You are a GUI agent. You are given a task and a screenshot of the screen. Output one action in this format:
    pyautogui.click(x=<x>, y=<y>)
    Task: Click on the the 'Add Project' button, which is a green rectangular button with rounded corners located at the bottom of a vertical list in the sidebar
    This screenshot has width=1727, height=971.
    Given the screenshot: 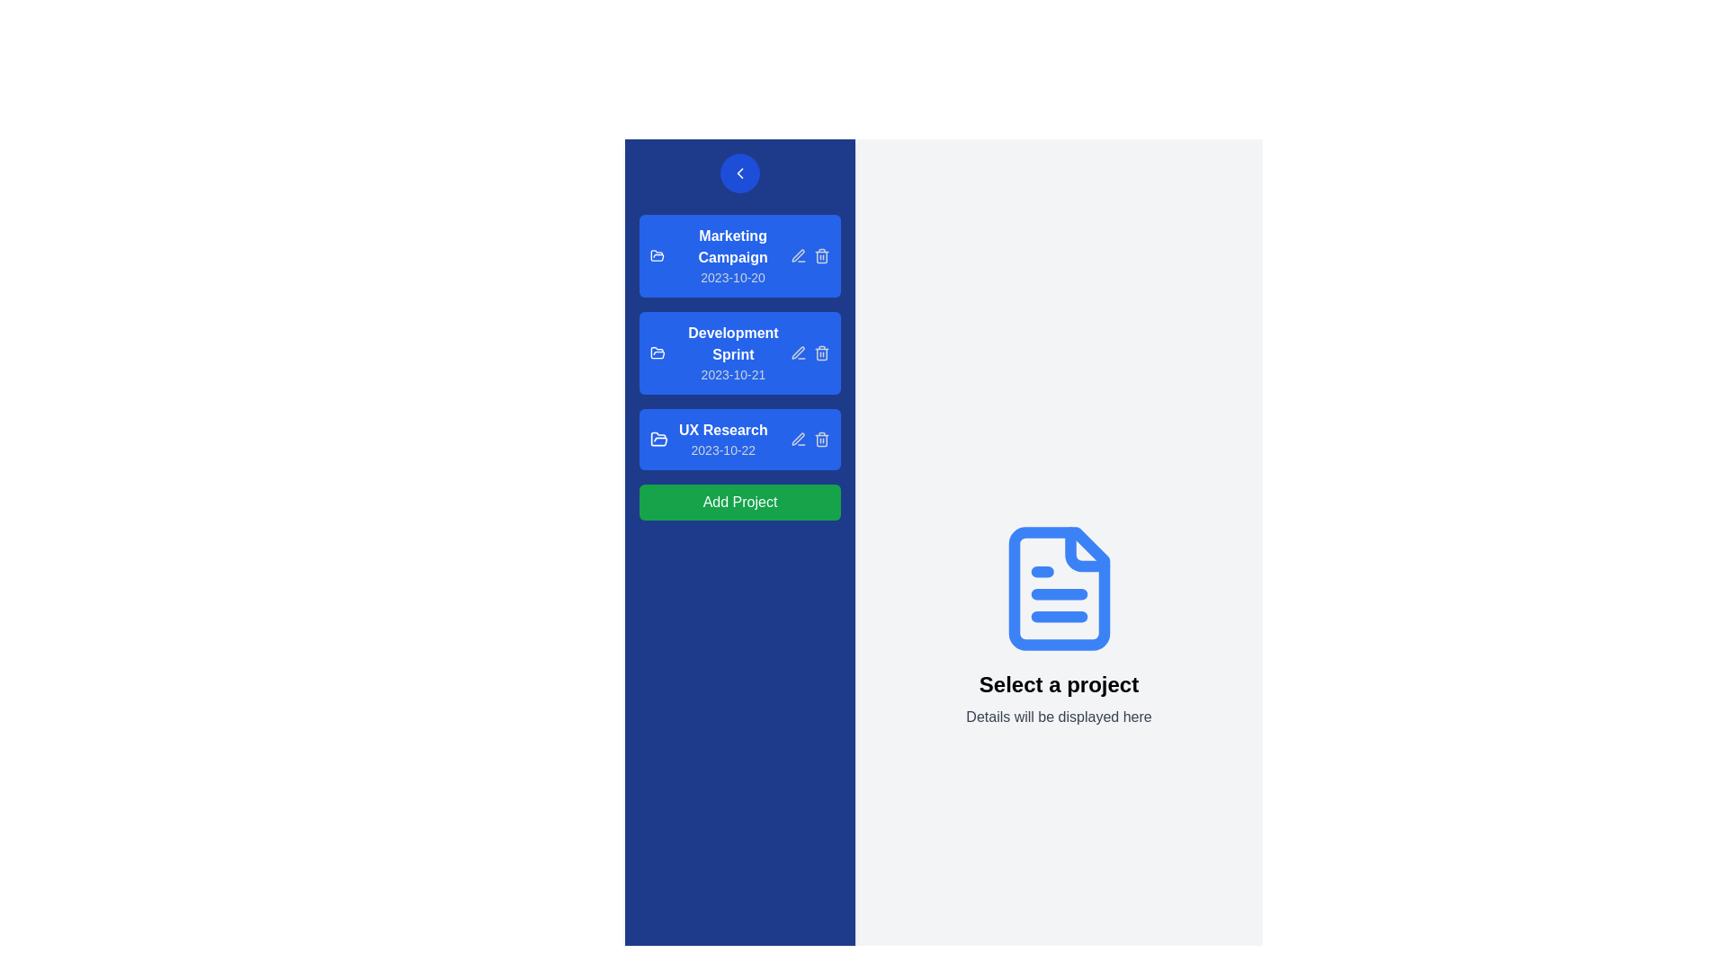 What is the action you would take?
    pyautogui.click(x=739, y=503)
    